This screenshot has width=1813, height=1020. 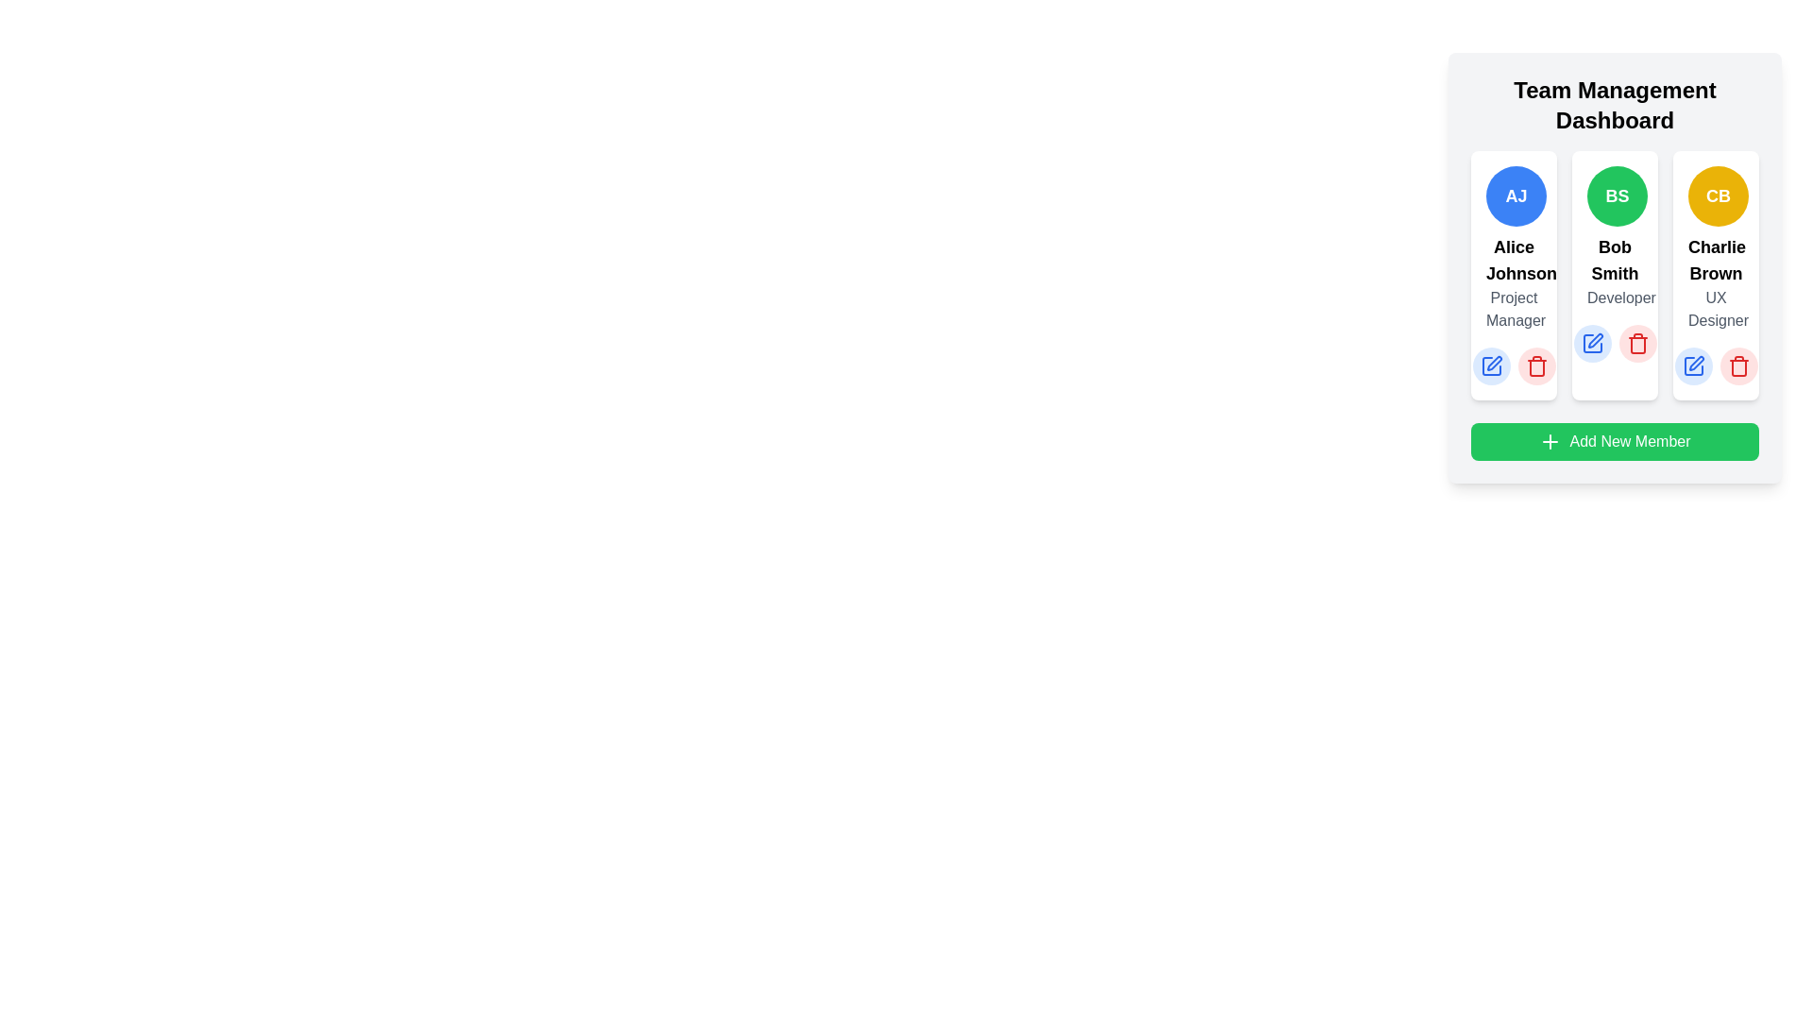 I want to click on the edit icon button resembling a pen, which is the third edit icon under the profile labeled 'Charlie Brown UX Designer', so click(x=1693, y=366).